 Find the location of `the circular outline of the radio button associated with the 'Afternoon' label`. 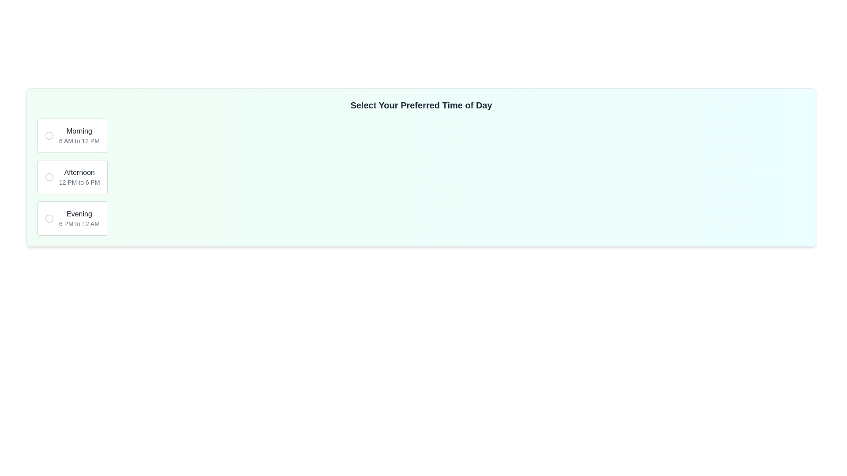

the circular outline of the radio button associated with the 'Afternoon' label is located at coordinates (49, 177).